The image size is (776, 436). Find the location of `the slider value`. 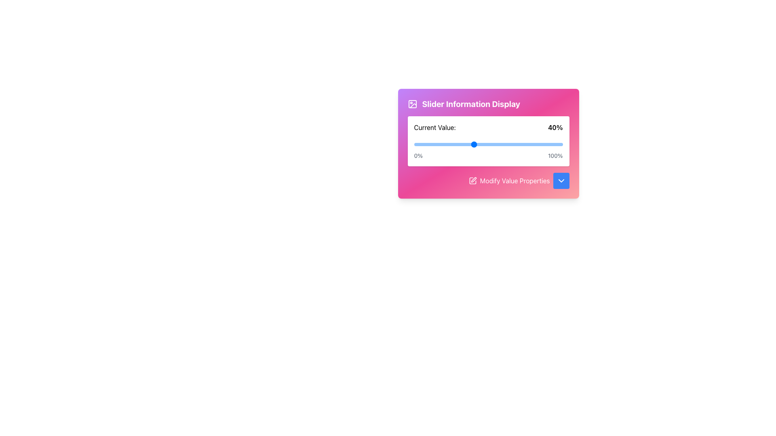

the slider value is located at coordinates (539, 144).